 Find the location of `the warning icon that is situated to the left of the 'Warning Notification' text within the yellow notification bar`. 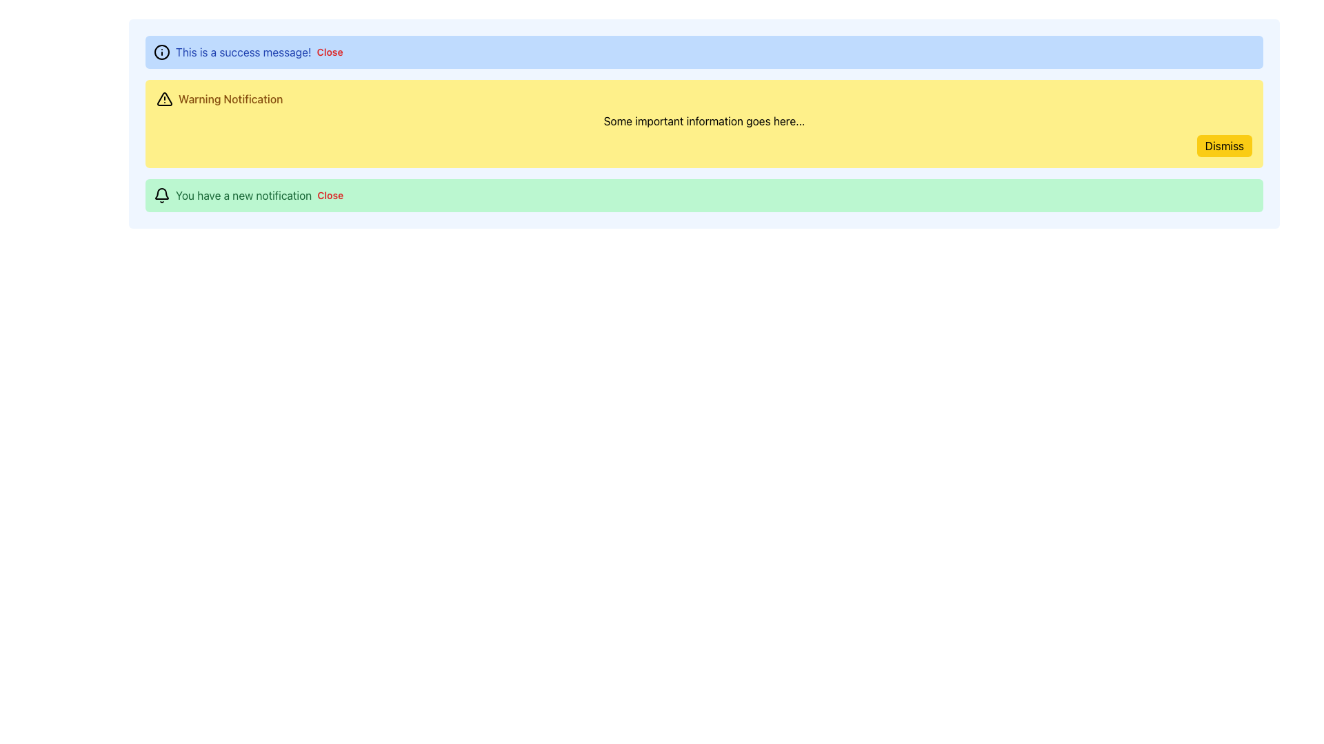

the warning icon that is situated to the left of the 'Warning Notification' text within the yellow notification bar is located at coordinates (165, 98).